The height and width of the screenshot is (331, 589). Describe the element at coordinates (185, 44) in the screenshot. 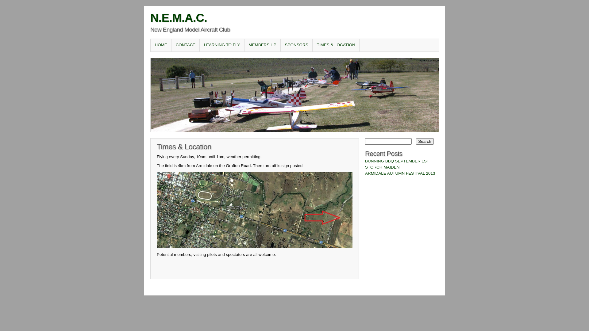

I see `'CONTACT'` at that location.